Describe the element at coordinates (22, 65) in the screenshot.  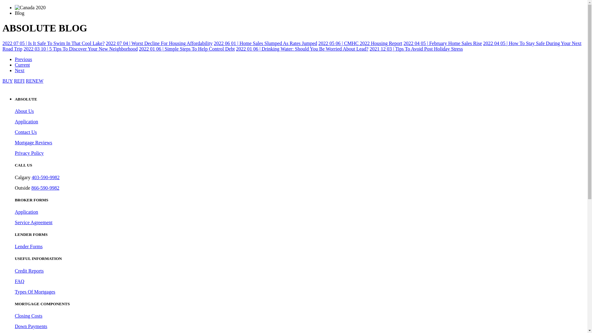
I see `'Current'` at that location.